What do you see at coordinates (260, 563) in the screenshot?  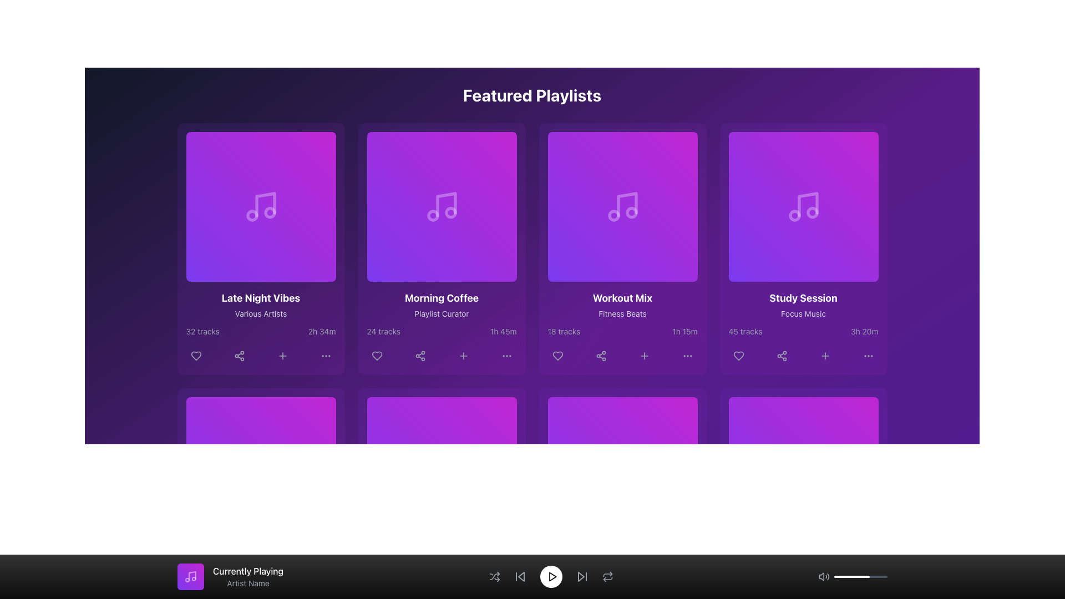 I see `text label displaying 'Chill Lofi', which is large and bold with a white color, positioned above 'Beat Makers' in the semi-transparent card` at bounding box center [260, 563].